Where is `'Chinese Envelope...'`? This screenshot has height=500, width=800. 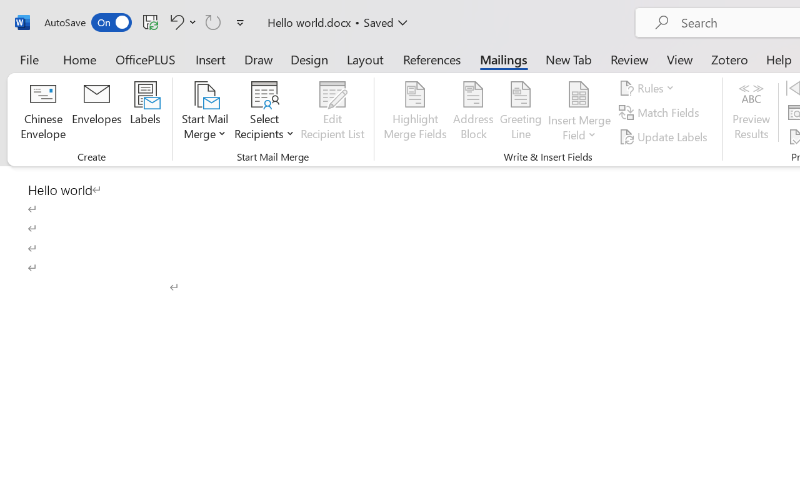 'Chinese Envelope...' is located at coordinates (43, 112).